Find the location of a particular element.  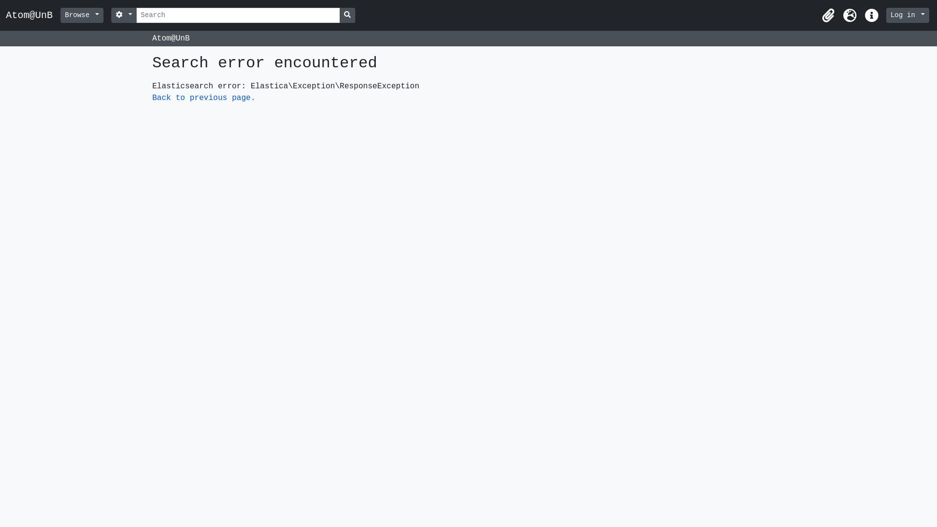

'Clipboard' is located at coordinates (828, 15).